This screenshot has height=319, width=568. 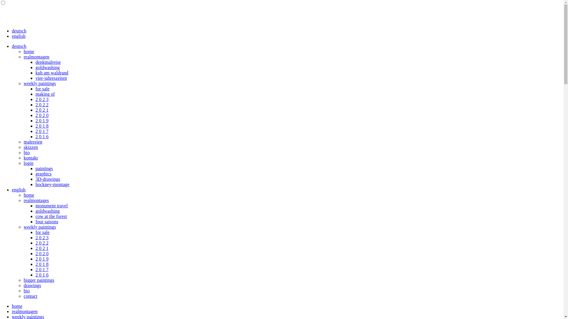 I want to click on '2 0 1 8', so click(x=42, y=126).